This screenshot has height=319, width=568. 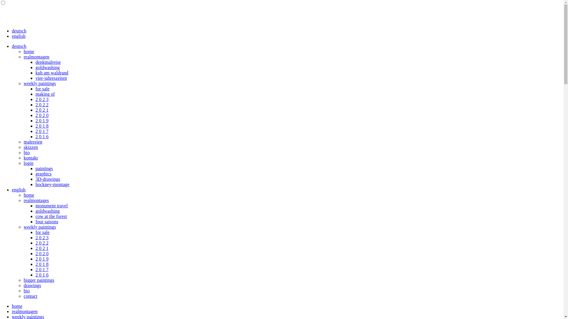 I want to click on '2 0 1 8', so click(x=42, y=126).